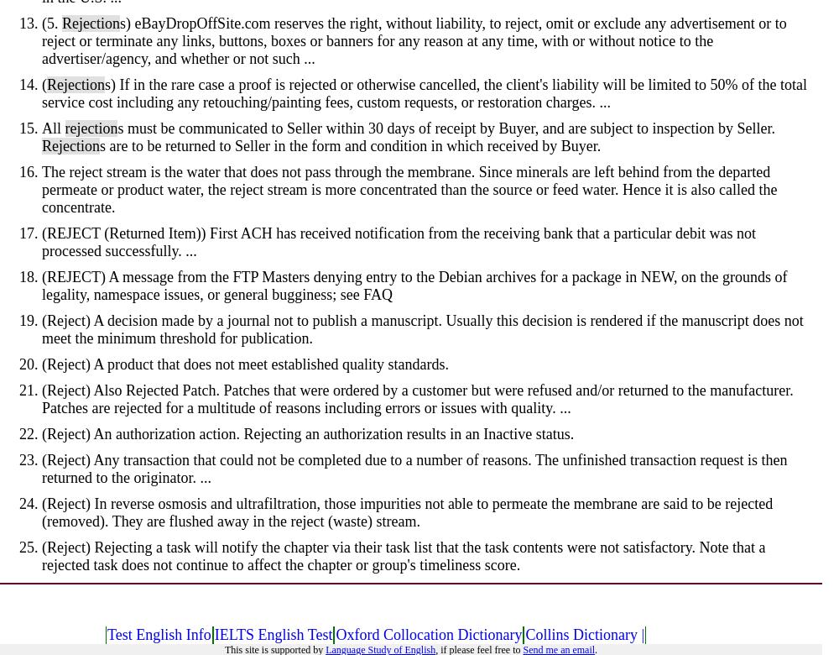 Image resolution: width=839 pixels, height=655 pixels. Describe the element at coordinates (414, 468) in the screenshot. I see `'(Reject) Any transaction that could not be completed due to a number of reasons. The unfinished transaction request is then returned to the originator. ...'` at that location.